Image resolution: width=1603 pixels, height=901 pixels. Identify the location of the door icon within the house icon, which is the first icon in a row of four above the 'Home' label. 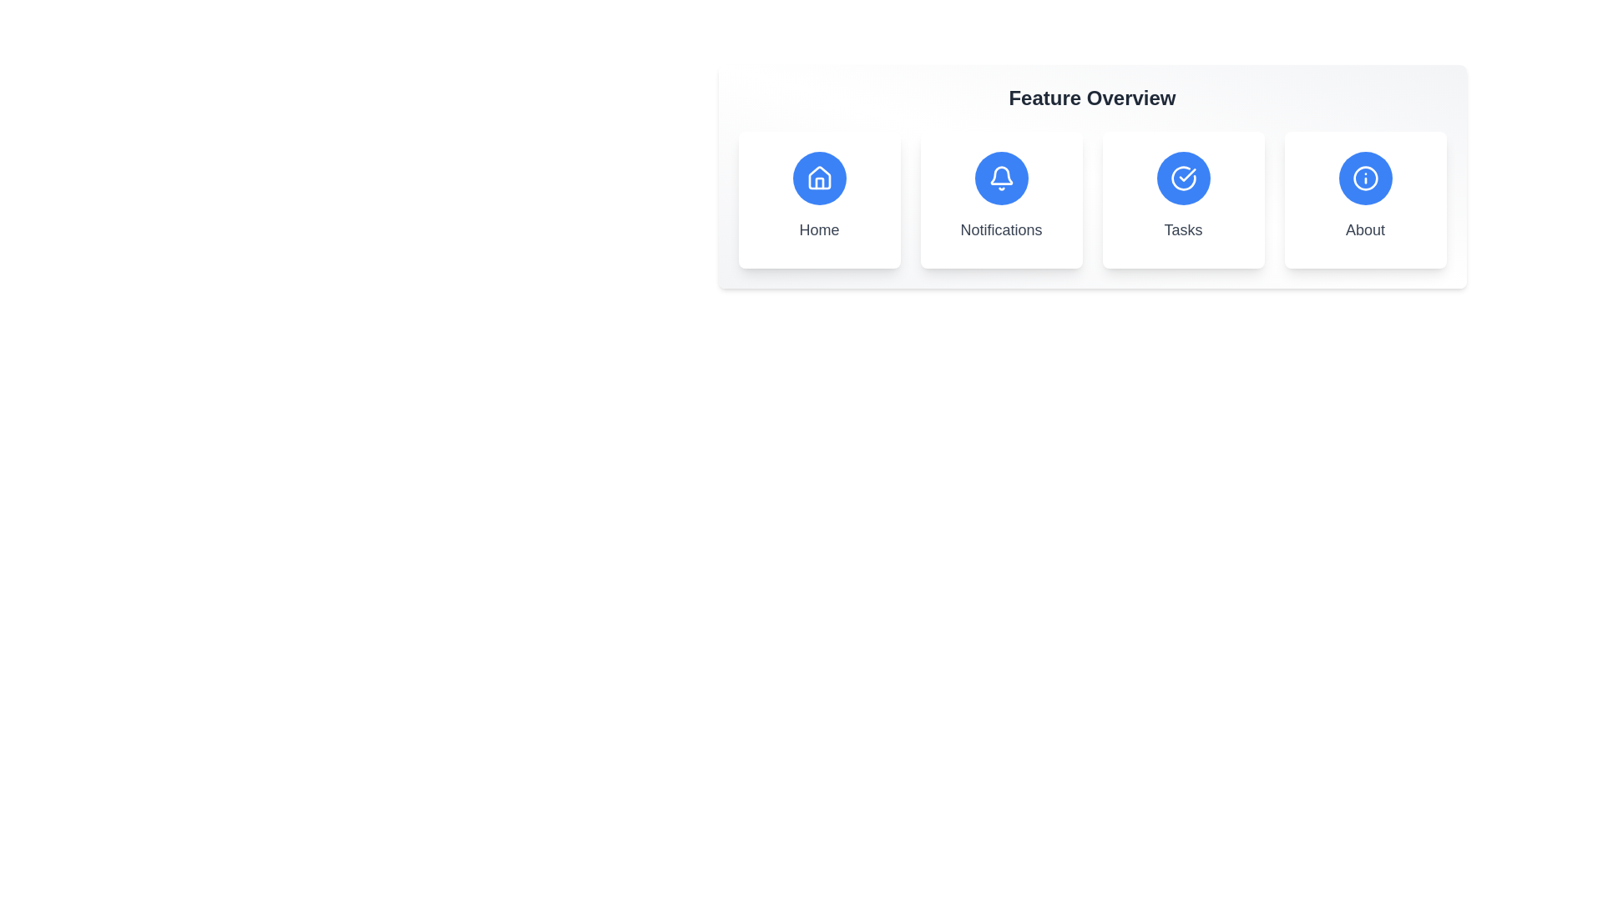
(819, 183).